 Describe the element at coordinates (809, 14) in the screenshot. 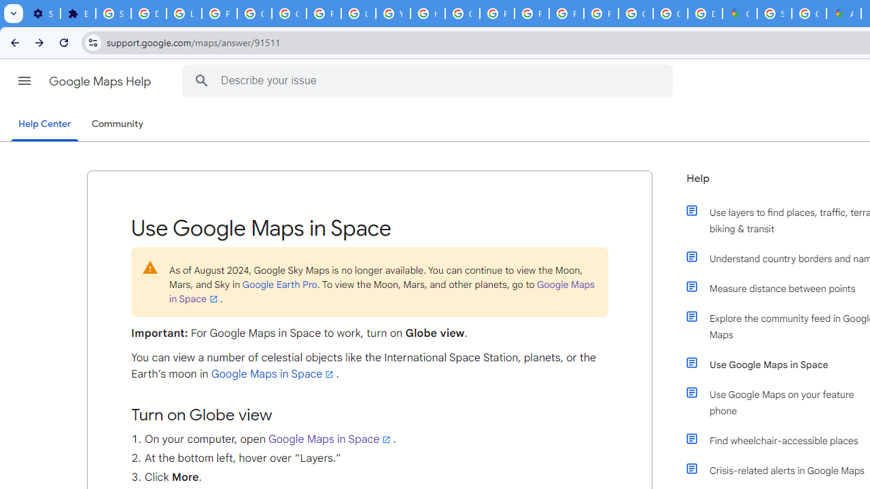

I see `'Create your Google Account'` at that location.